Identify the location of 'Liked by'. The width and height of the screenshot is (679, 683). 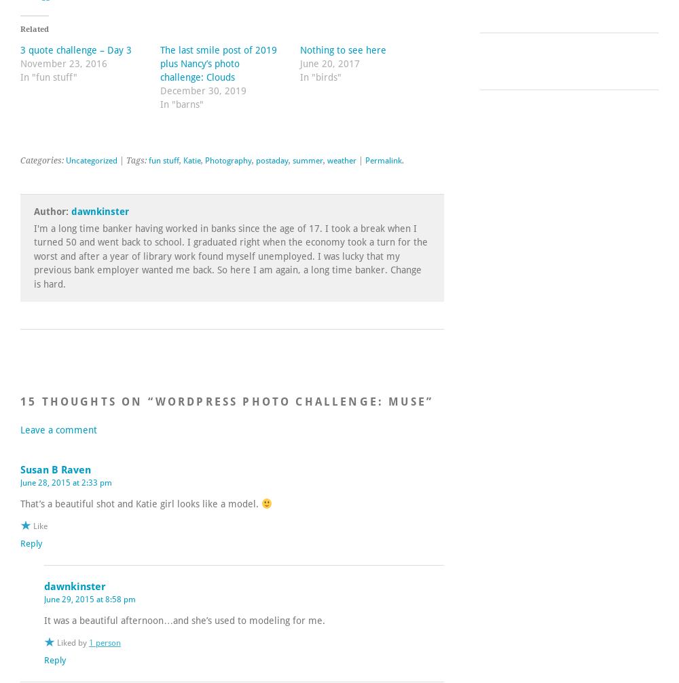
(72, 641).